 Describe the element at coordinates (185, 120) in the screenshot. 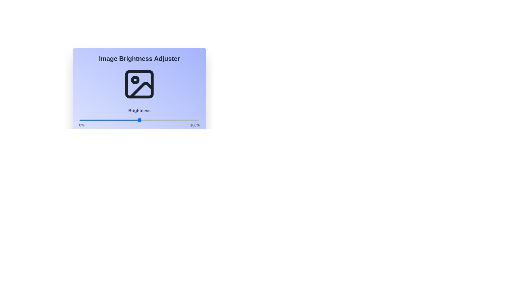

I see `the brightness slider to 88%` at that location.